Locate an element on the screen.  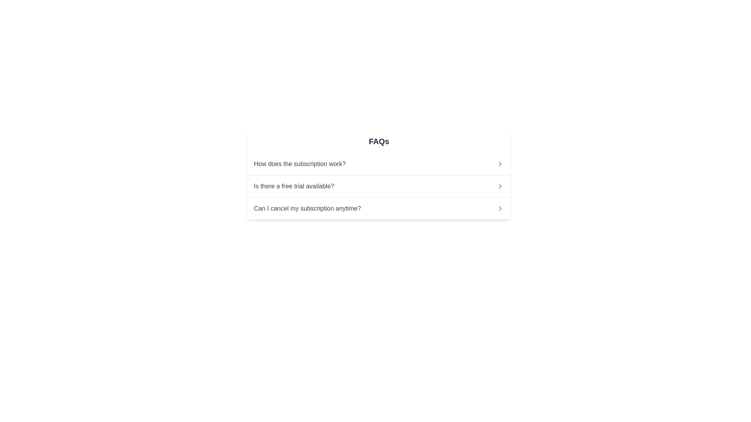
the third entry in the FAQ list about subscription cancellation is located at coordinates (379, 207).